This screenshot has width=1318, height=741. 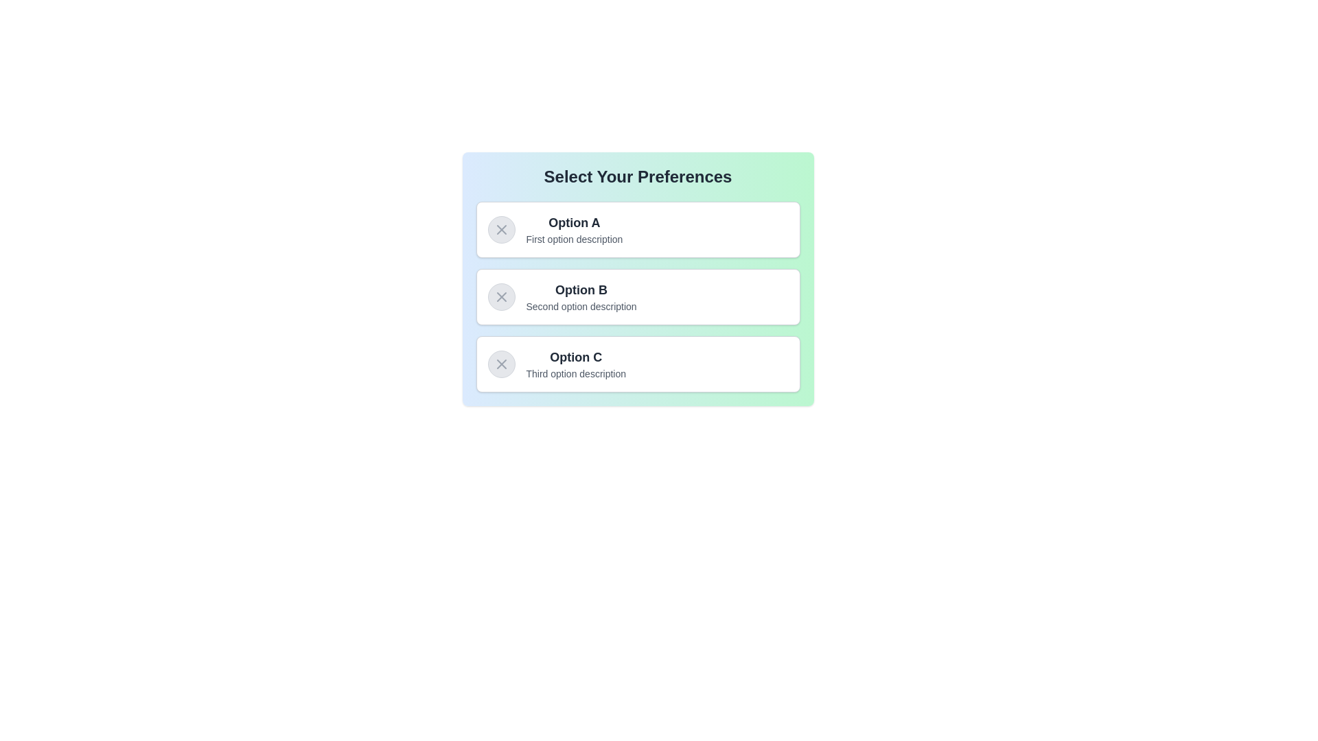 What do you see at coordinates (637, 296) in the screenshot?
I see `the middle selectable card (Option B) located in the 'Select Your Preferences' section` at bounding box center [637, 296].